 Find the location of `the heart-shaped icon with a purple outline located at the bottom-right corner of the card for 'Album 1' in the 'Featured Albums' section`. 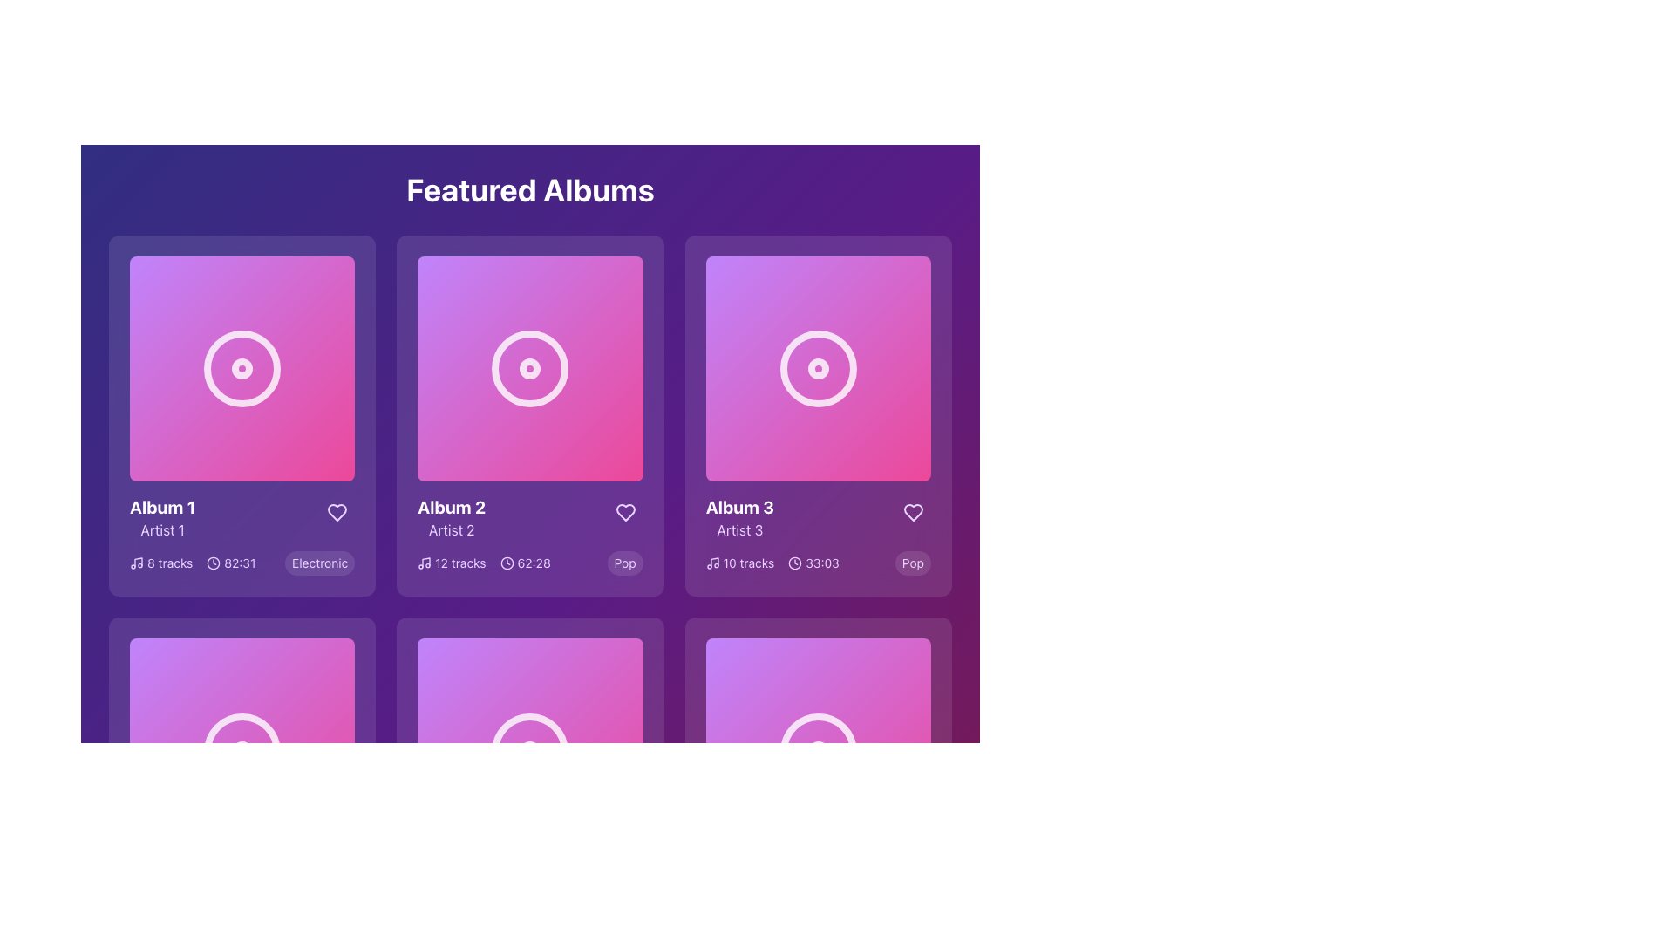

the heart-shaped icon with a purple outline located at the bottom-right corner of the card for 'Album 1' in the 'Featured Albums' section is located at coordinates (337, 512).